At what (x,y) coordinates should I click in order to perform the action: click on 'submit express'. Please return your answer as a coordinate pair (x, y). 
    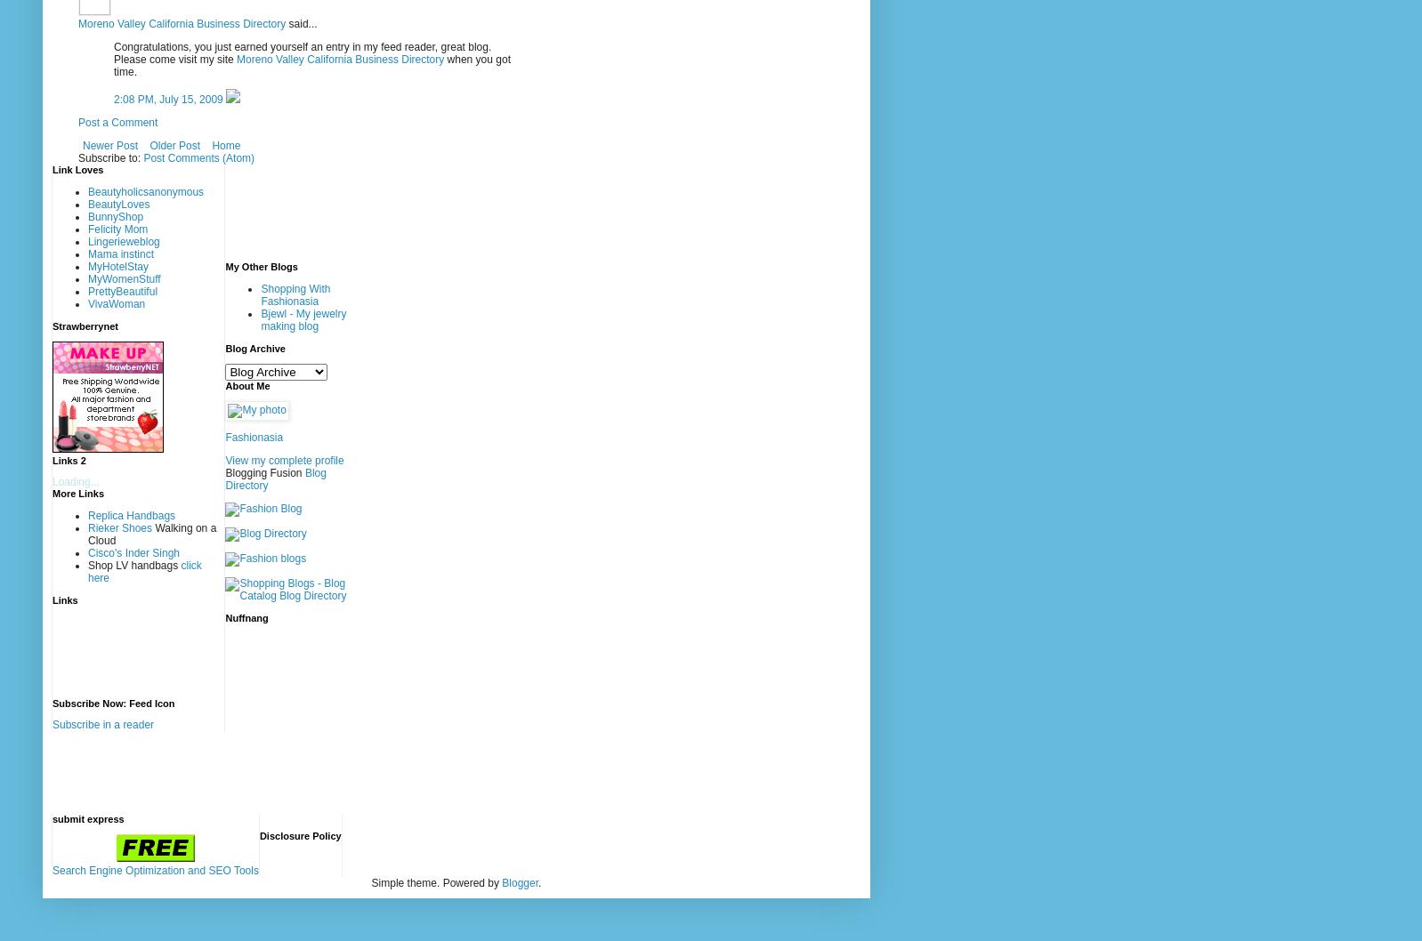
    Looking at the image, I should click on (87, 818).